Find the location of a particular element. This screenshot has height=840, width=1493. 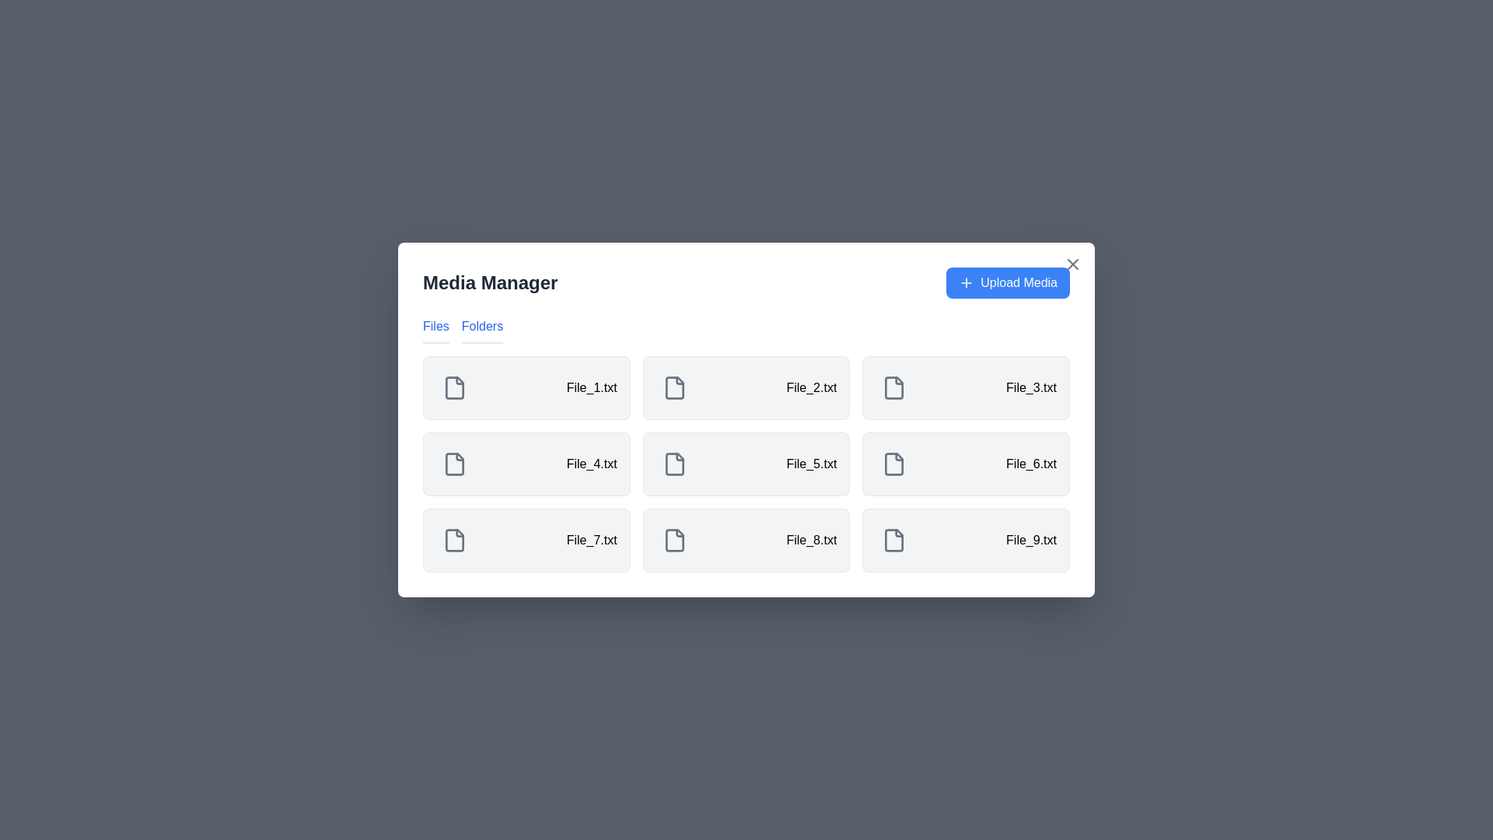

the file document icon located in the bottom-right corner of the grid in the 'Media Manager' interface, positioned to the right of 'File_8.txt' and below 'File_6.txt' is located at coordinates (894, 539).